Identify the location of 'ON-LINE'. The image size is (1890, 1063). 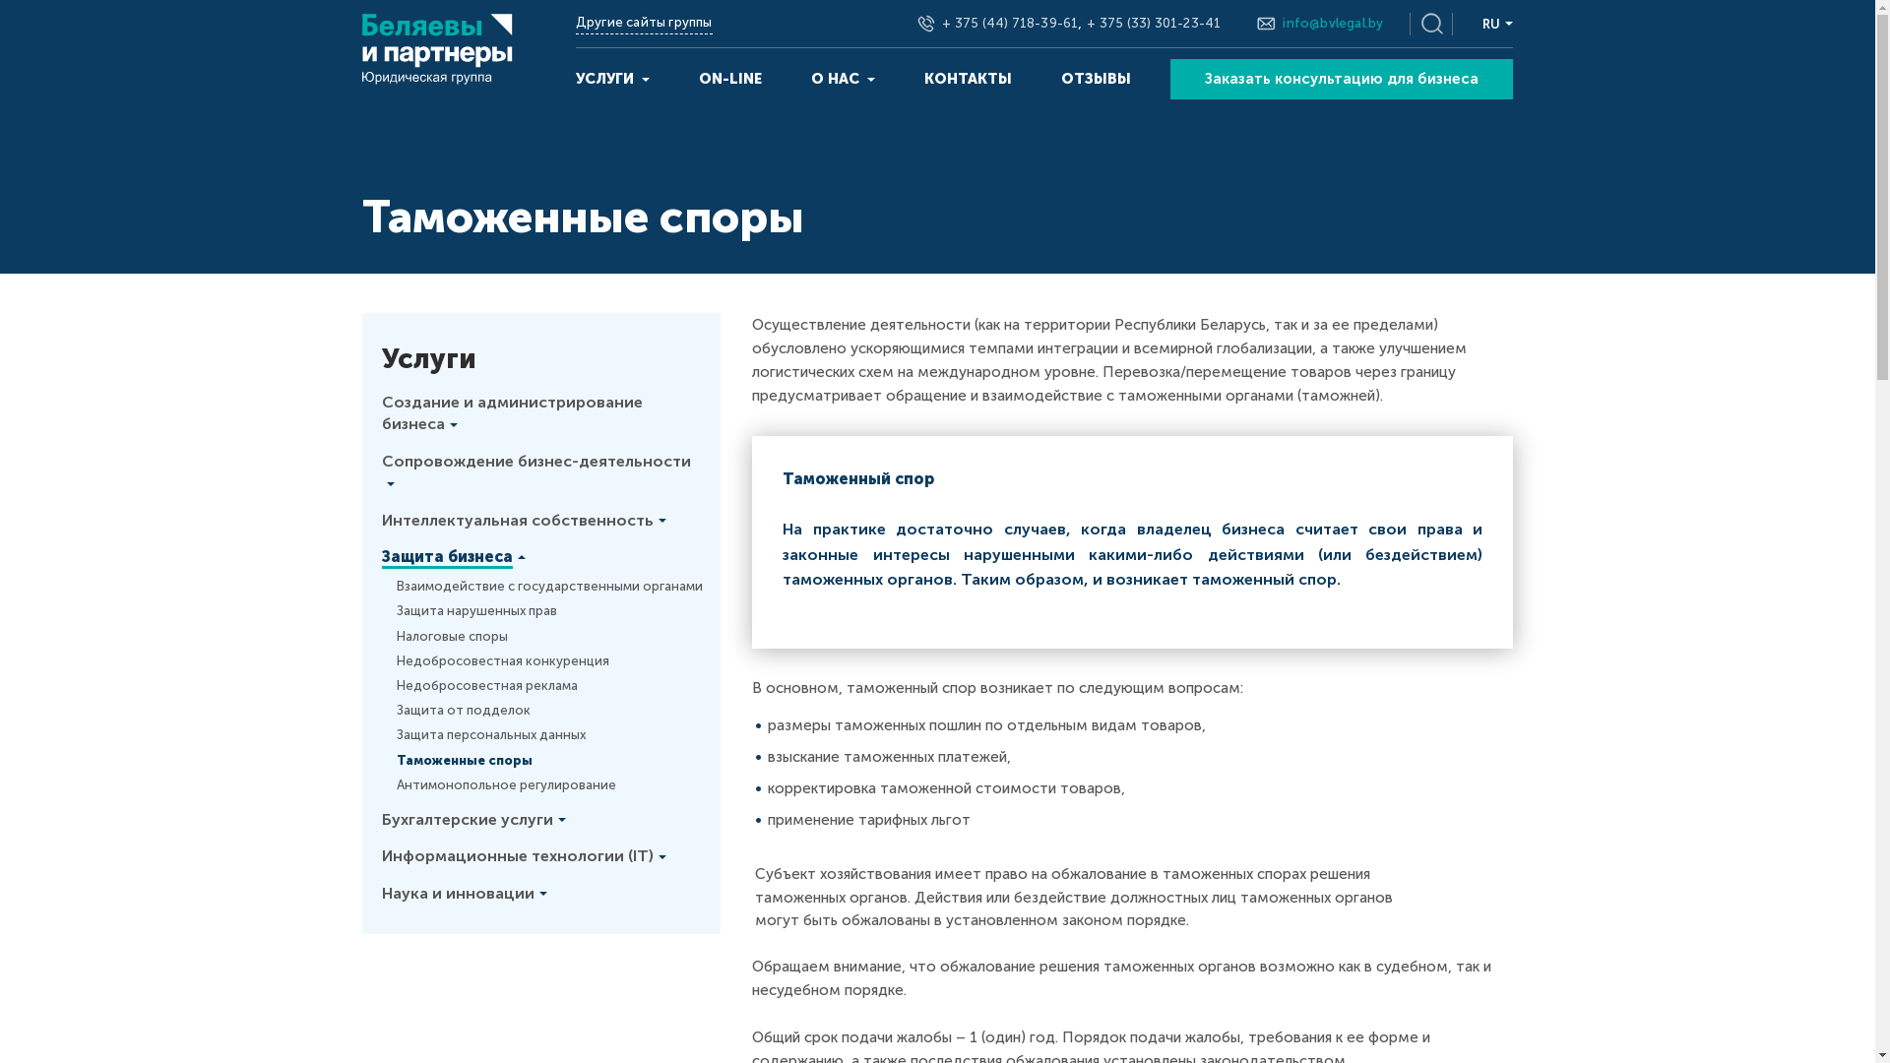
(729, 78).